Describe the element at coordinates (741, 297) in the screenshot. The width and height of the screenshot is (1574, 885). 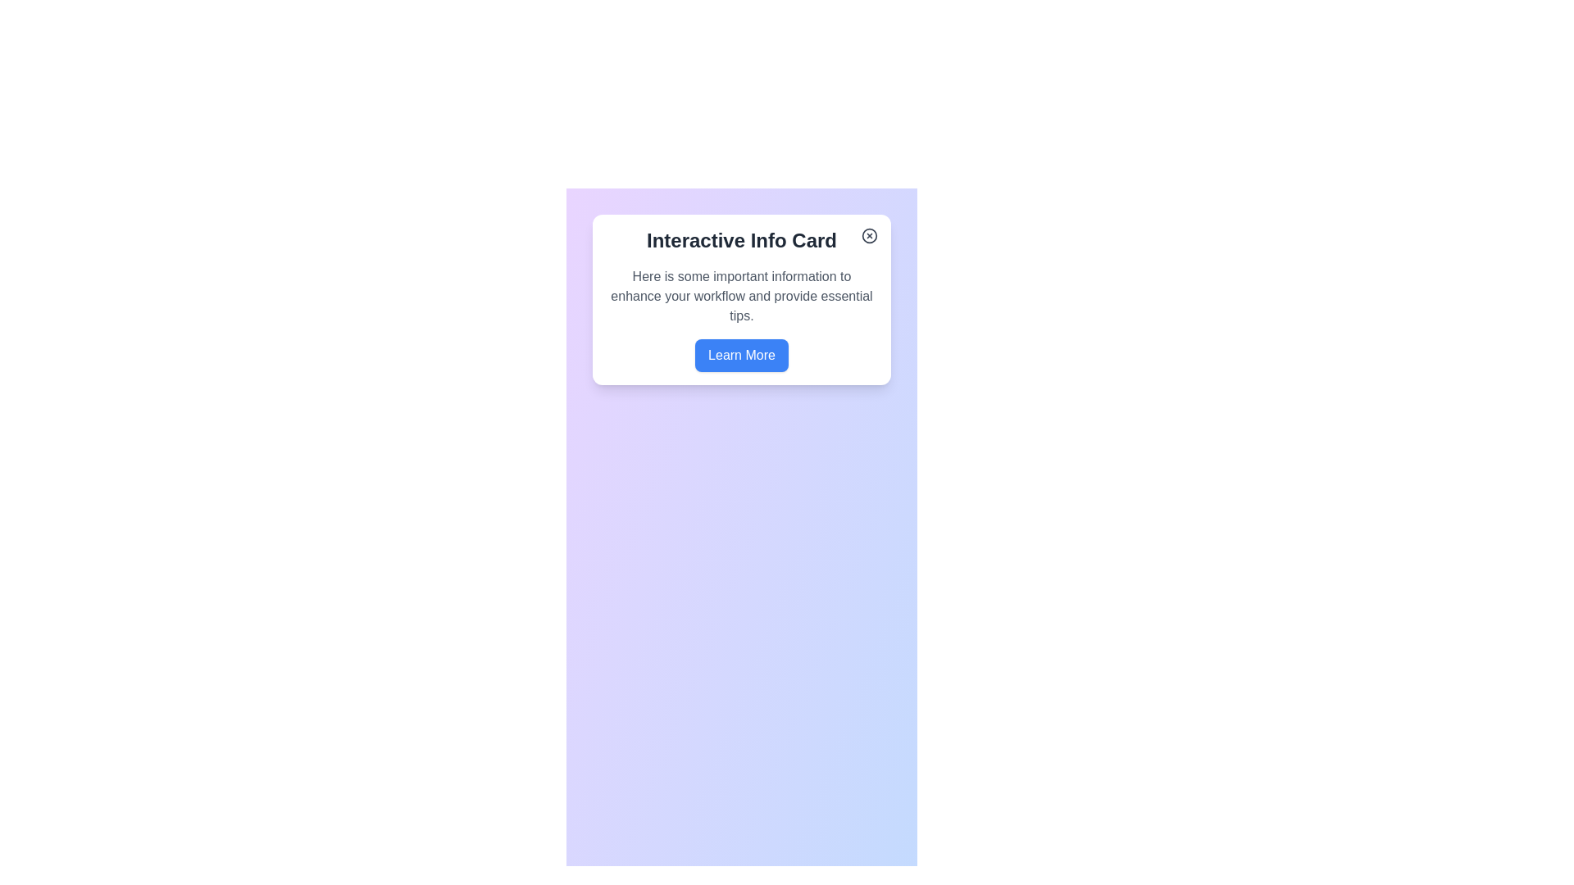
I see `the static text content styled with gray text color, located within a card below the title 'Interactive Info Card' and above the 'Learn More' button` at that location.